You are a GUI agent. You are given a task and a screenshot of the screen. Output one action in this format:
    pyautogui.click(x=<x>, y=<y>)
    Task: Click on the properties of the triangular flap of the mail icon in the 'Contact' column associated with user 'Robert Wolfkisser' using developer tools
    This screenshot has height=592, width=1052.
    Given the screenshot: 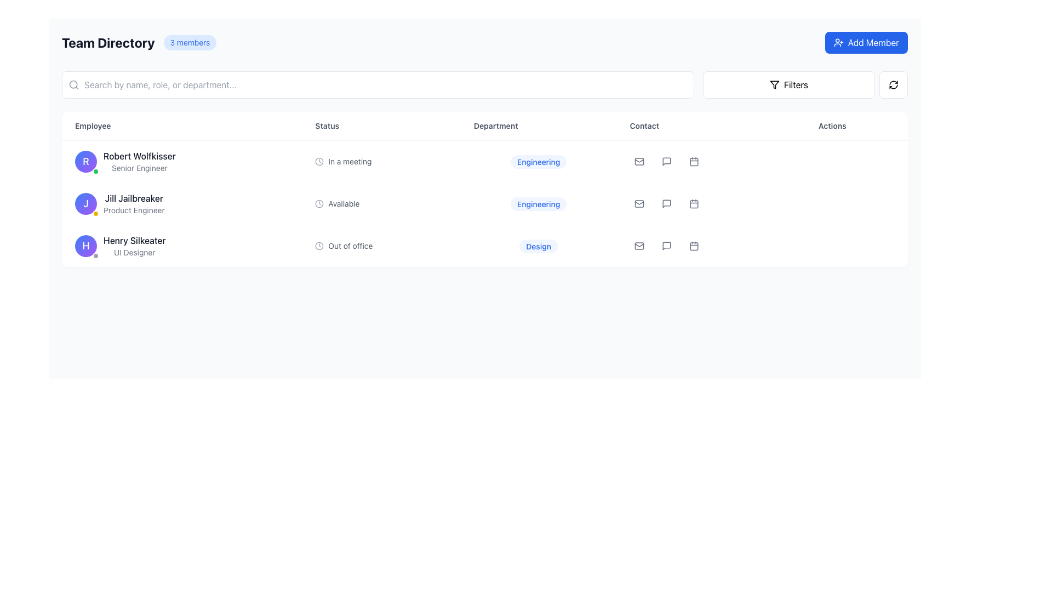 What is the action you would take?
    pyautogui.click(x=639, y=161)
    